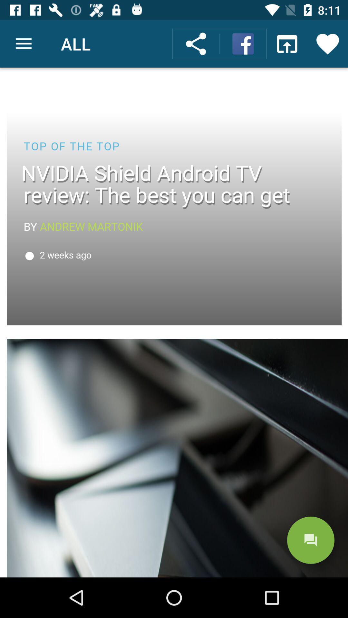 The width and height of the screenshot is (348, 618). What do you see at coordinates (174, 323) in the screenshot?
I see `advertisement` at bounding box center [174, 323].